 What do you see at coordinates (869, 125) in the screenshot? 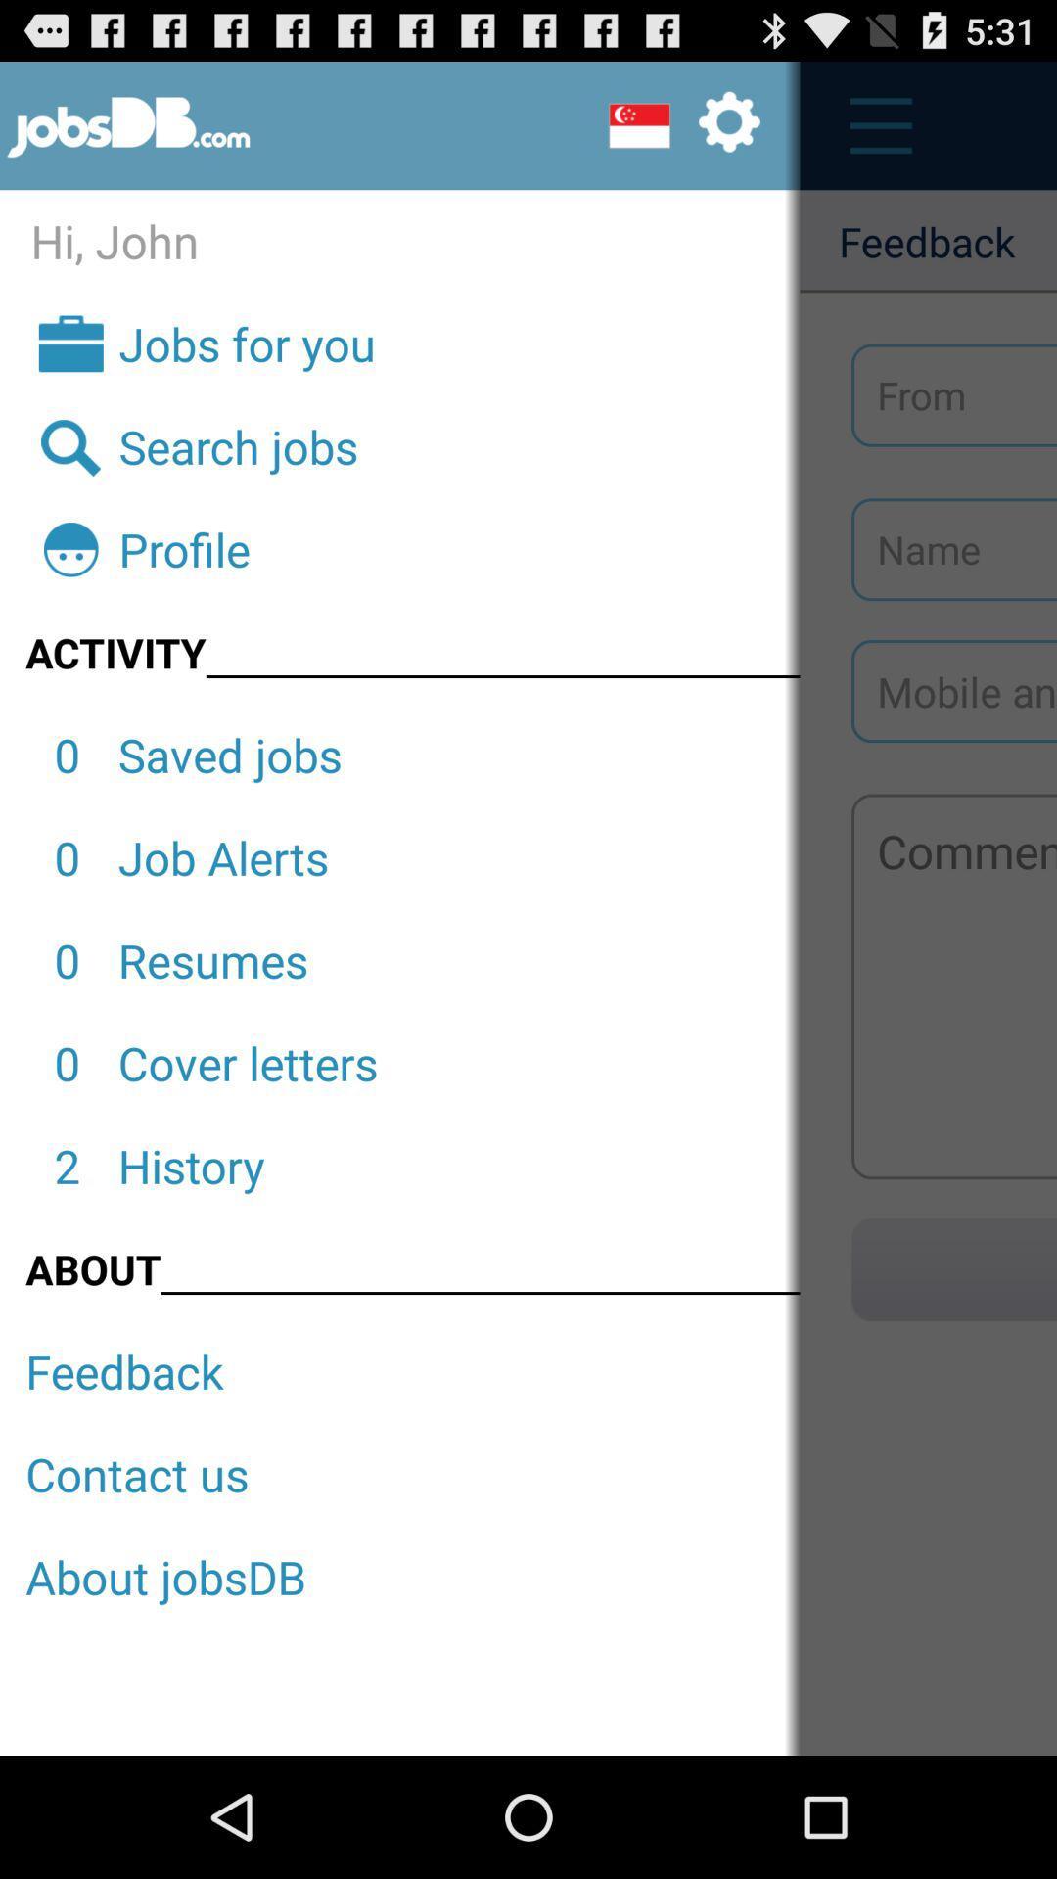
I see `open tool bar` at bounding box center [869, 125].